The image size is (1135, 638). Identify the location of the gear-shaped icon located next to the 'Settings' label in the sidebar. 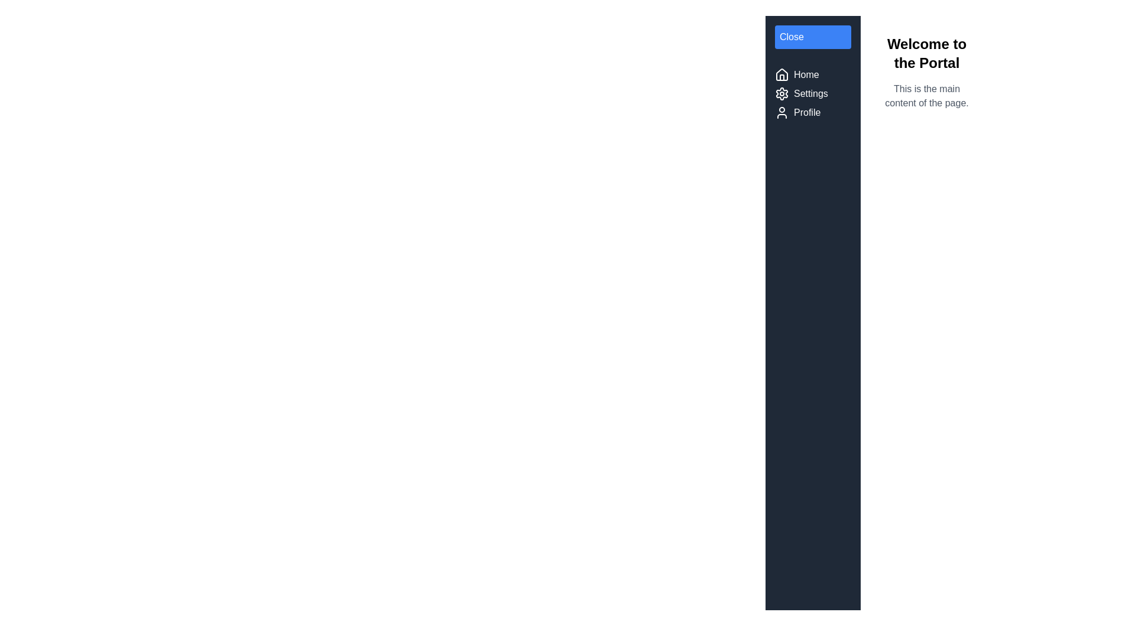
(782, 93).